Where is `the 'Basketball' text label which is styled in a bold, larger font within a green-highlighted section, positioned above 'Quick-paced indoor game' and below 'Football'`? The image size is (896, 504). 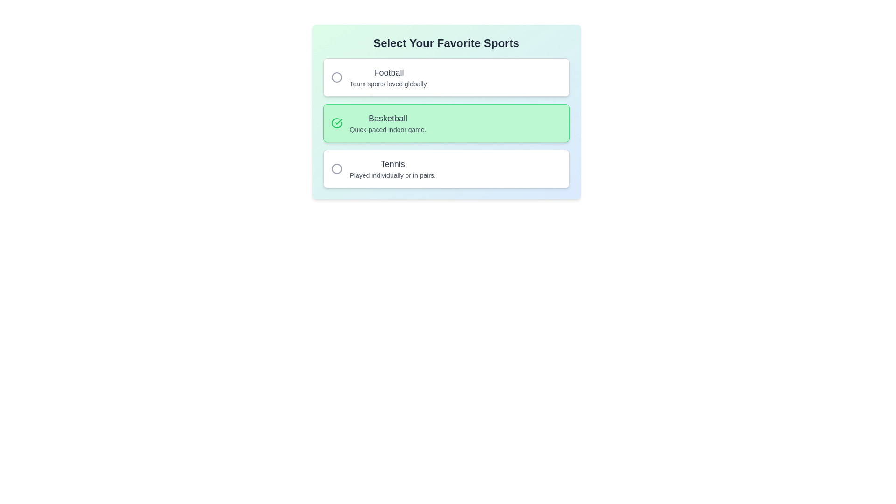
the 'Basketball' text label which is styled in a bold, larger font within a green-highlighted section, positioned above 'Quick-paced indoor game' and below 'Football' is located at coordinates (388, 118).